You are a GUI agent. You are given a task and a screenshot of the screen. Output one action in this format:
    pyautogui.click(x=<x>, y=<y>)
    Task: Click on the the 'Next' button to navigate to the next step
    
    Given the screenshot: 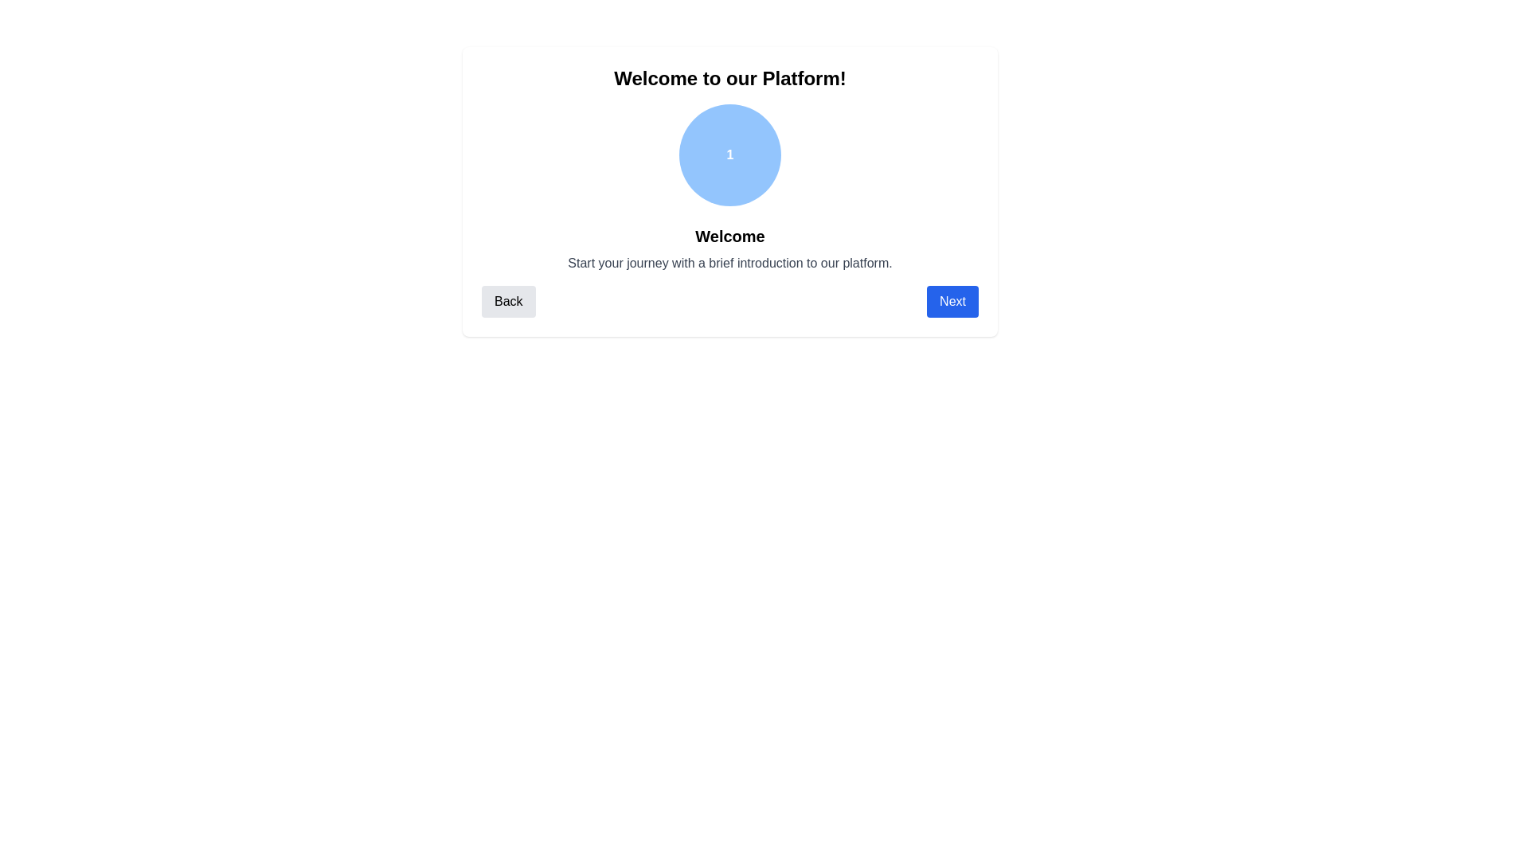 What is the action you would take?
    pyautogui.click(x=952, y=301)
    